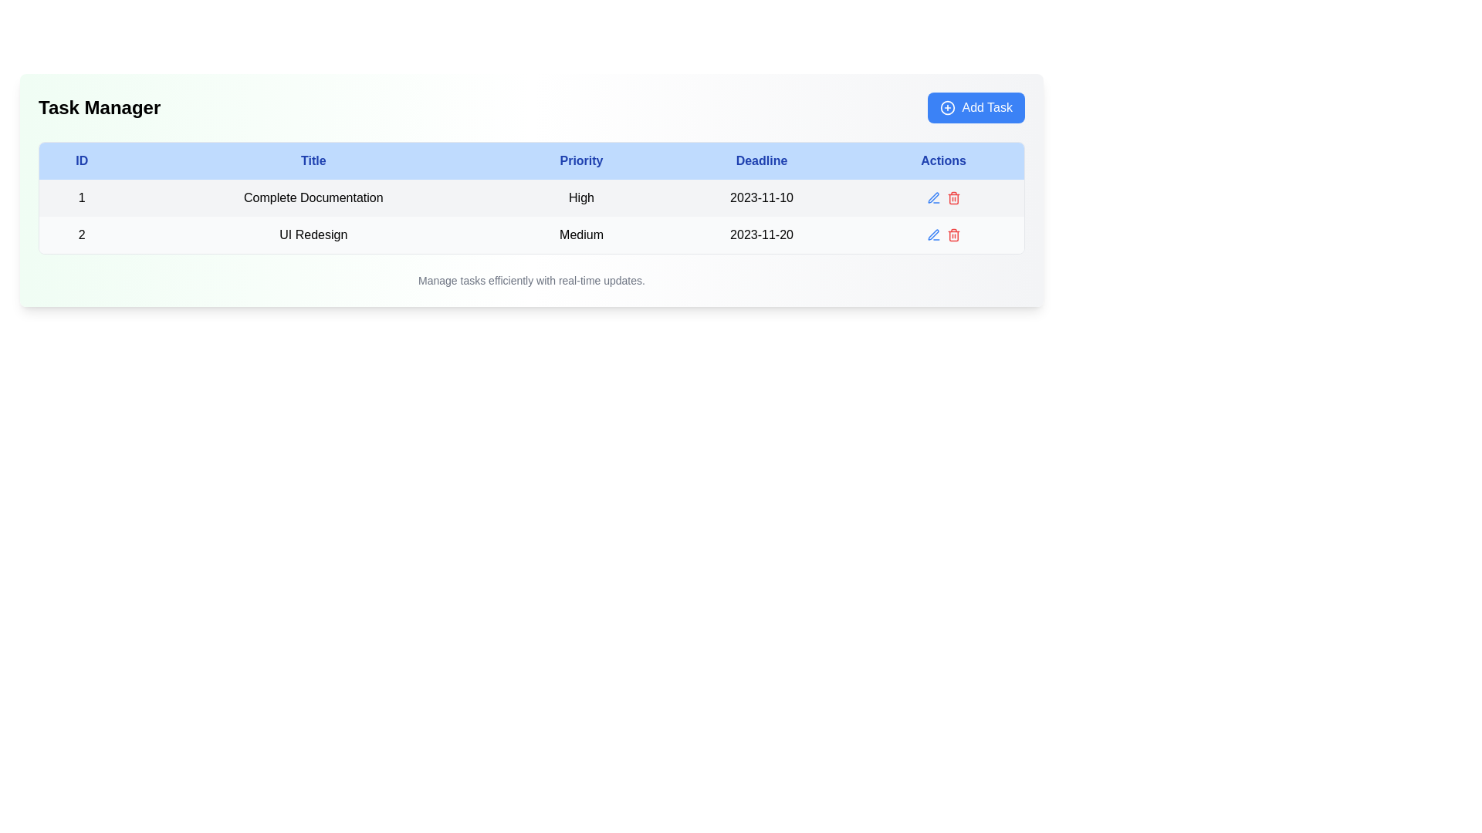 The height and width of the screenshot is (833, 1482). I want to click on the static text displaying the date '2023-11-10' located in the fourth column of the first row of the table under the 'Deadline' header, so click(762, 197).